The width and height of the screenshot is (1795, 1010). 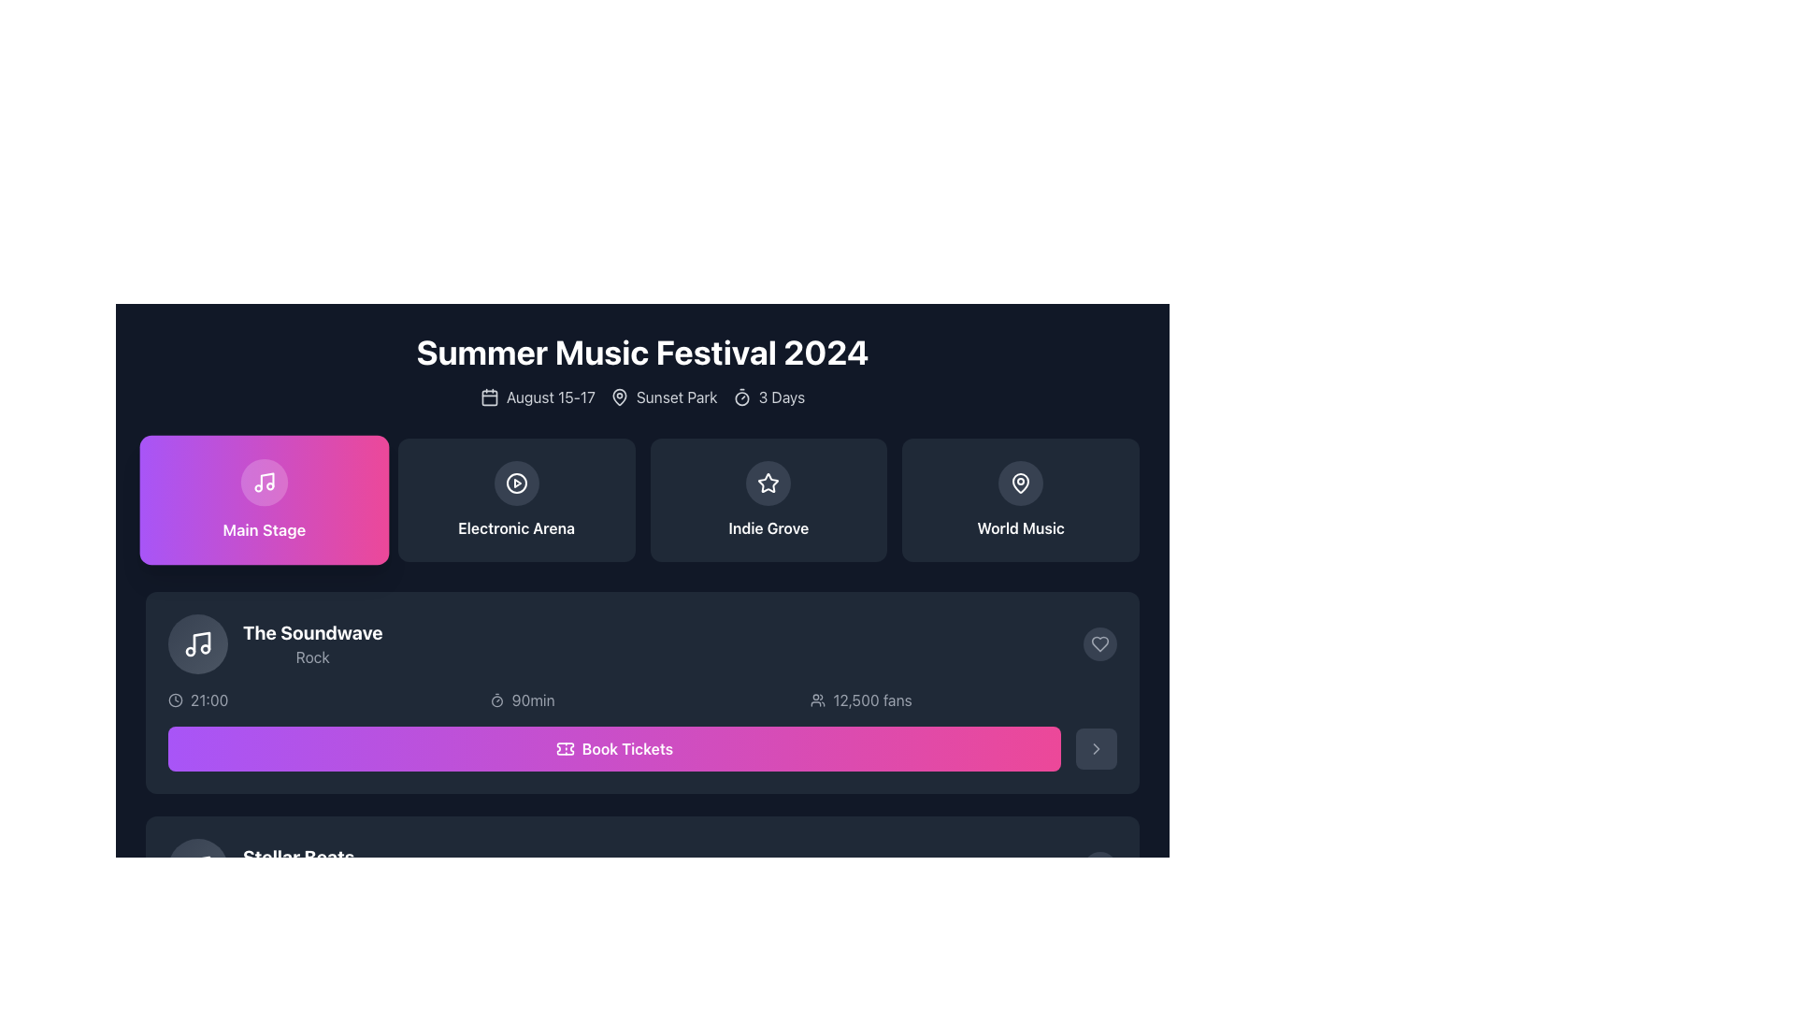 I want to click on the decorative ticket icon element, which is centrally located within its bounding box, to signify ticket-related interactions, so click(x=564, y=748).